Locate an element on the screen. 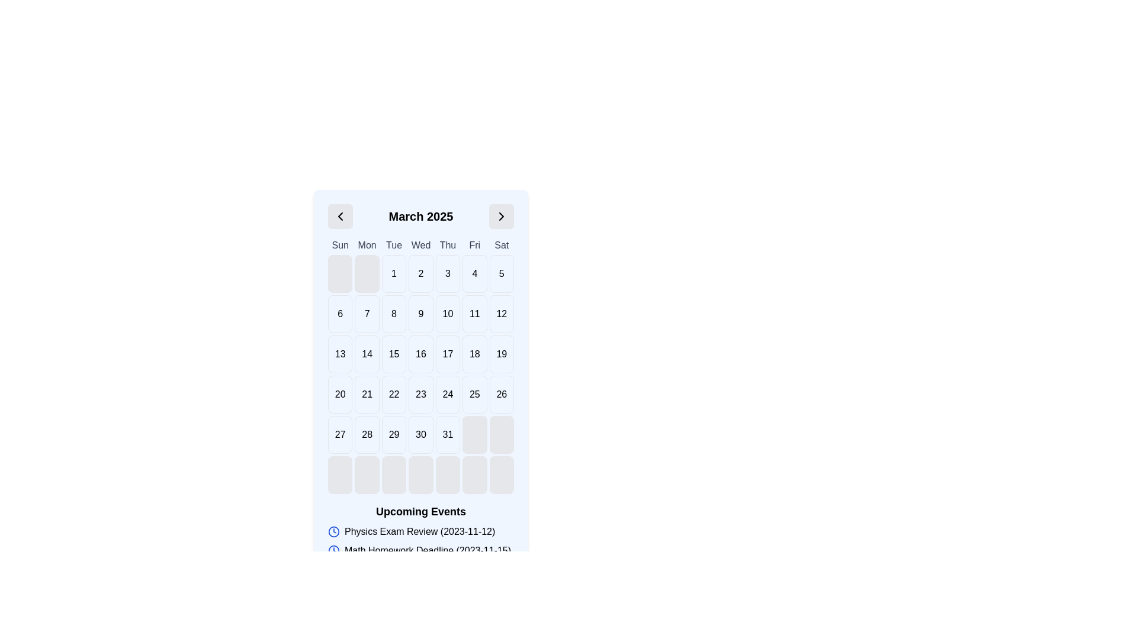 The height and width of the screenshot is (639, 1137). the button representing the 19th of the month in the calendar interface is located at coordinates (502, 353).